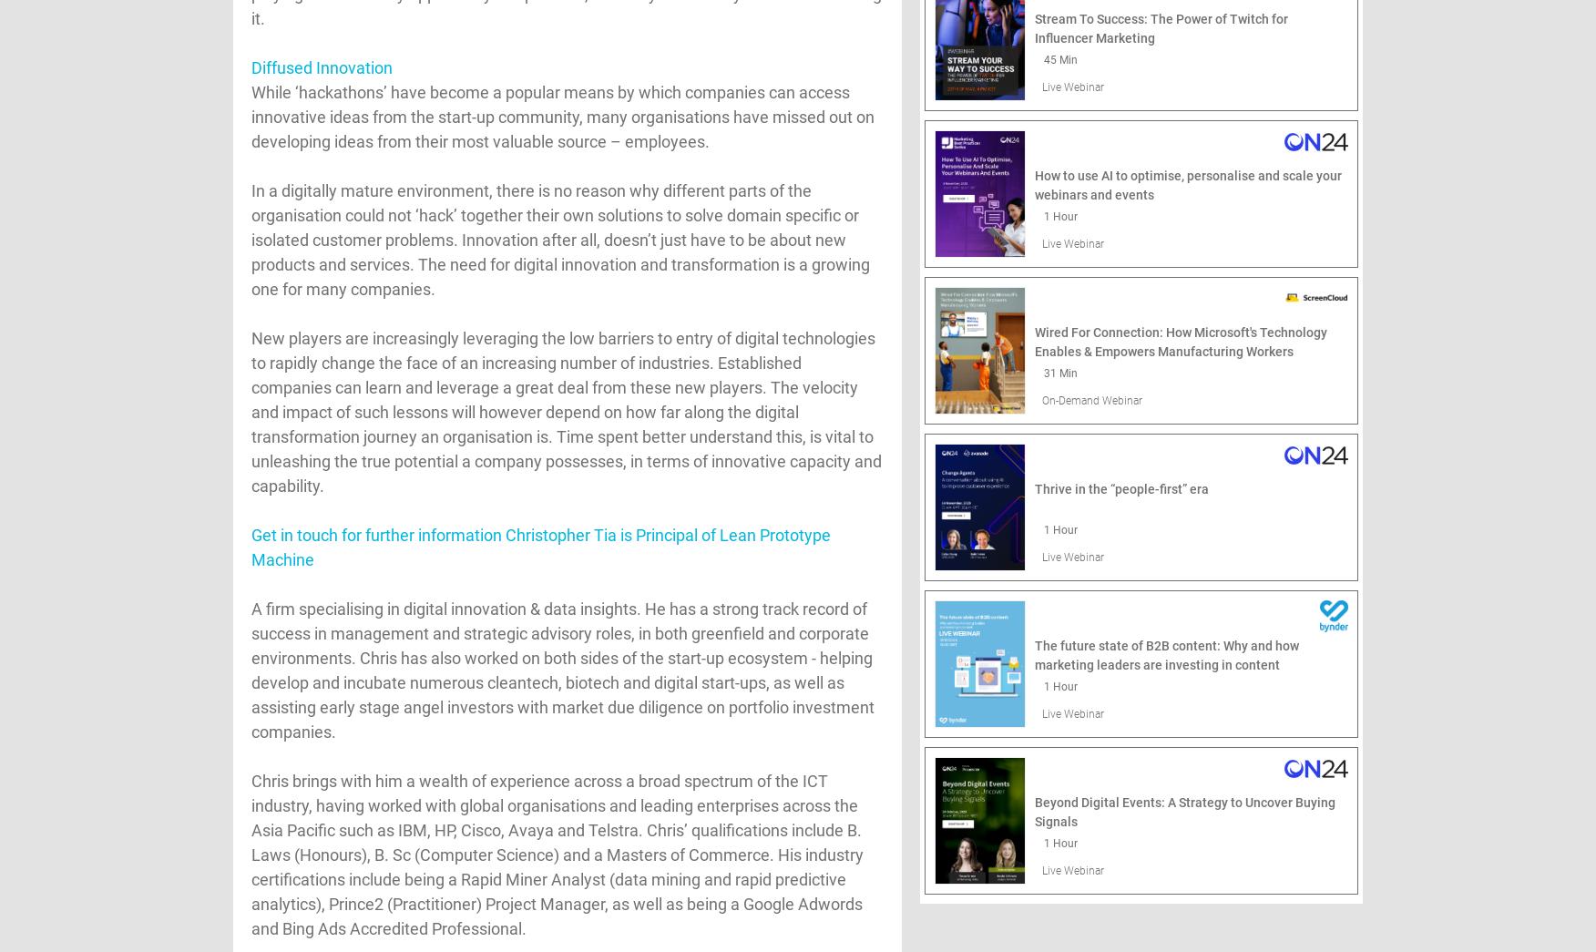  What do you see at coordinates (566, 412) in the screenshot?
I see `'New players are increasingly leveraging the low barriers to entry of digital technologies to rapidly change the face of an increasing number of industries. Established companies can learn and leverage a great deal from these new players. The velocity and impact of such lessons will however depend on how far along the digital transformation journey an organisation is. Time spent better understand this, is vital to unleashing the true potential a company possesses, in terms of innovative capacity and capability.'` at bounding box center [566, 412].